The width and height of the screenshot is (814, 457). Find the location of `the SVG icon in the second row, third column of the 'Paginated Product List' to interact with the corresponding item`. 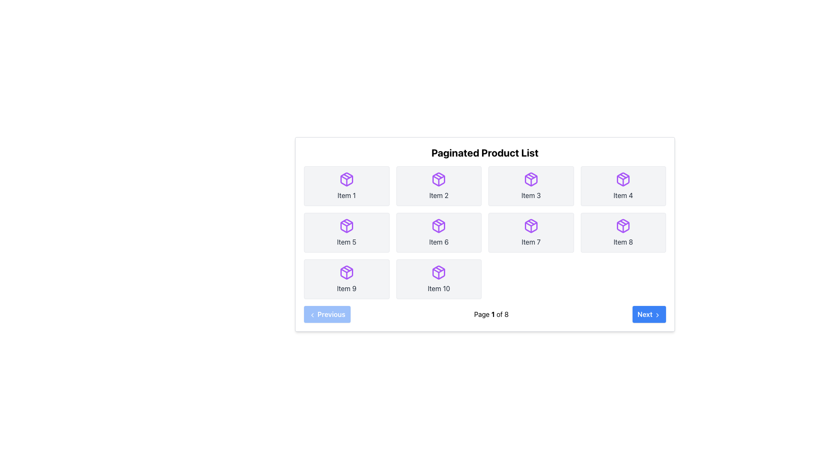

the SVG icon in the second row, third column of the 'Paginated Product List' to interact with the corresponding item is located at coordinates (530, 225).